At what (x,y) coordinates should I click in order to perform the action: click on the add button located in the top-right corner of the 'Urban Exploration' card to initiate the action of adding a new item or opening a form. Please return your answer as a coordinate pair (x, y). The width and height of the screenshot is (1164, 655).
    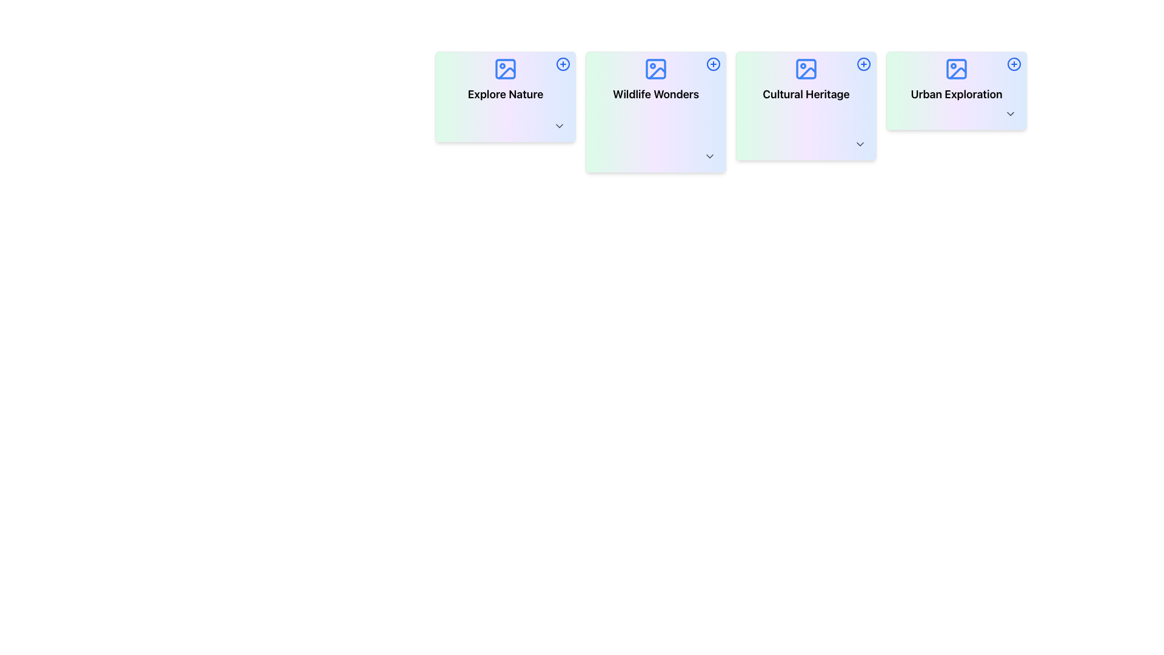
    Looking at the image, I should click on (1014, 64).